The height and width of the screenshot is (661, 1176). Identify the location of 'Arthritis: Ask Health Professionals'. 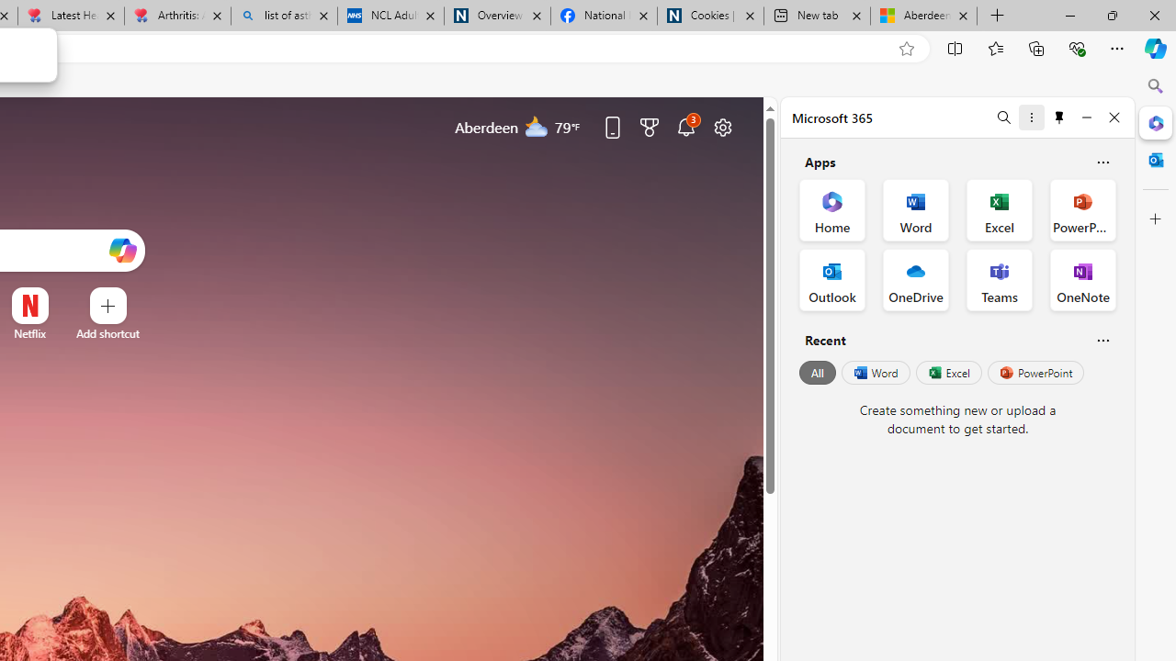
(177, 16).